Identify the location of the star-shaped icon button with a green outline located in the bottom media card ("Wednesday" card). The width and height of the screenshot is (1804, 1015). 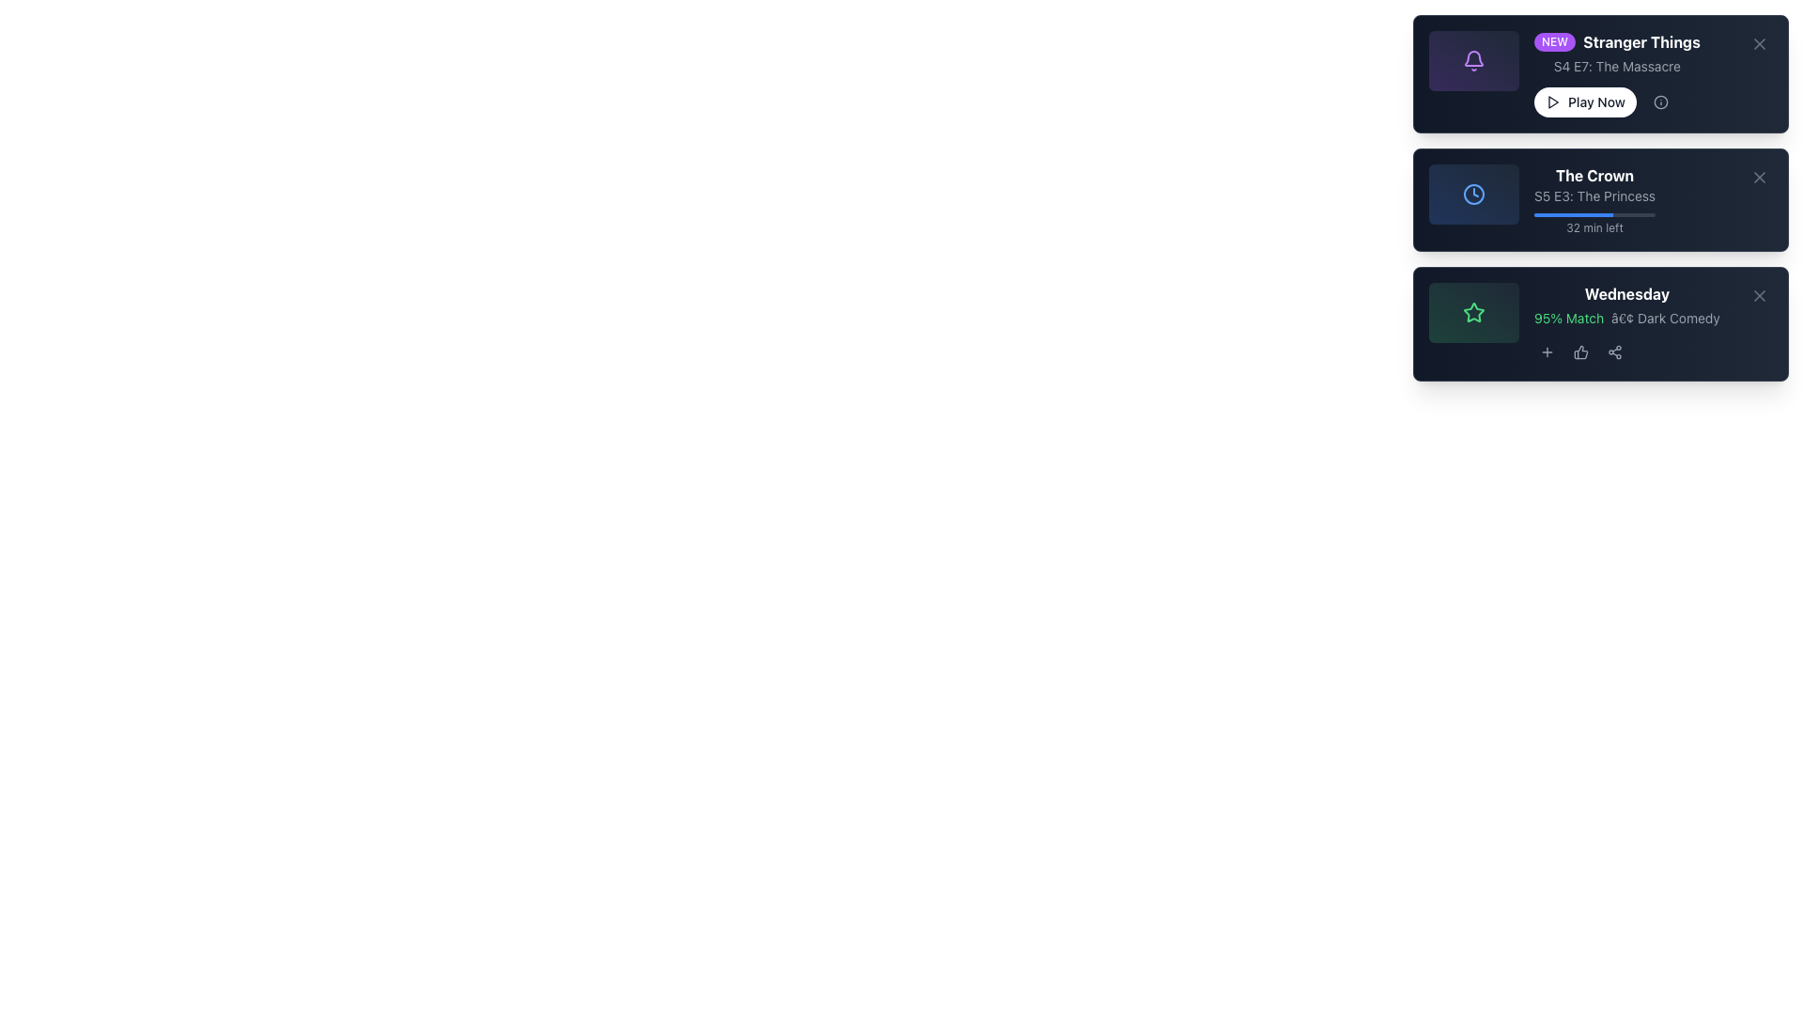
(1473, 311).